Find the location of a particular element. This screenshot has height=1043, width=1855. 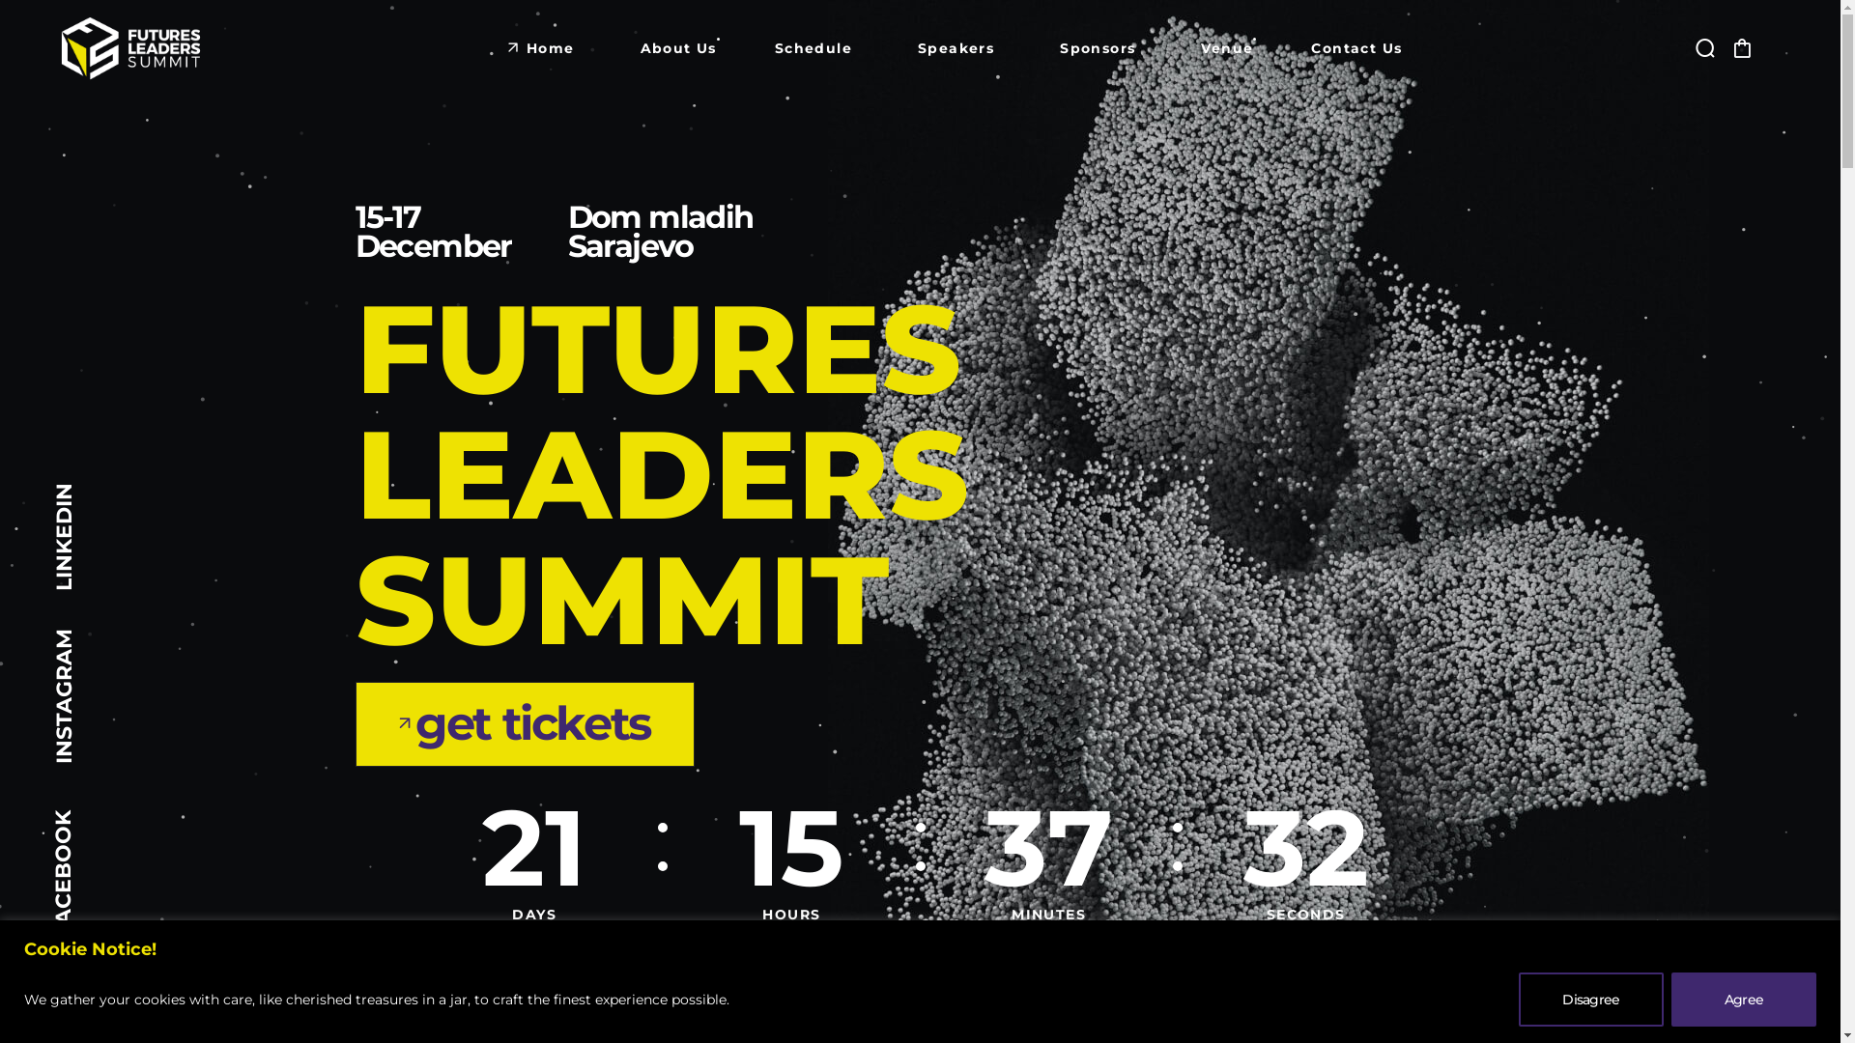

'get tickets' is located at coordinates (524, 723).